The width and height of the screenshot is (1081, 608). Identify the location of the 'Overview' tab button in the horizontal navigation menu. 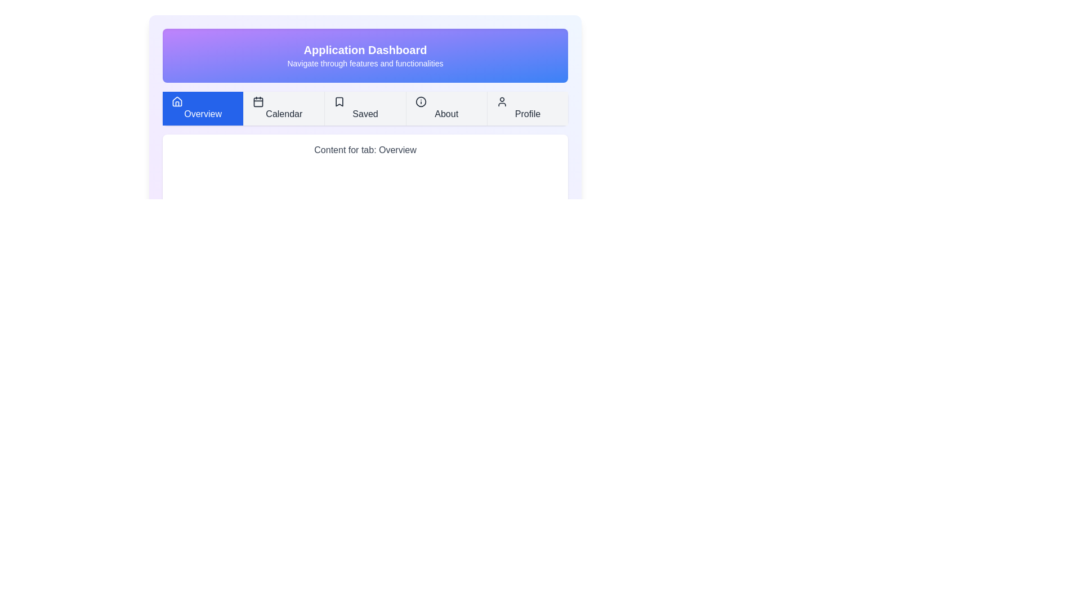
(203, 108).